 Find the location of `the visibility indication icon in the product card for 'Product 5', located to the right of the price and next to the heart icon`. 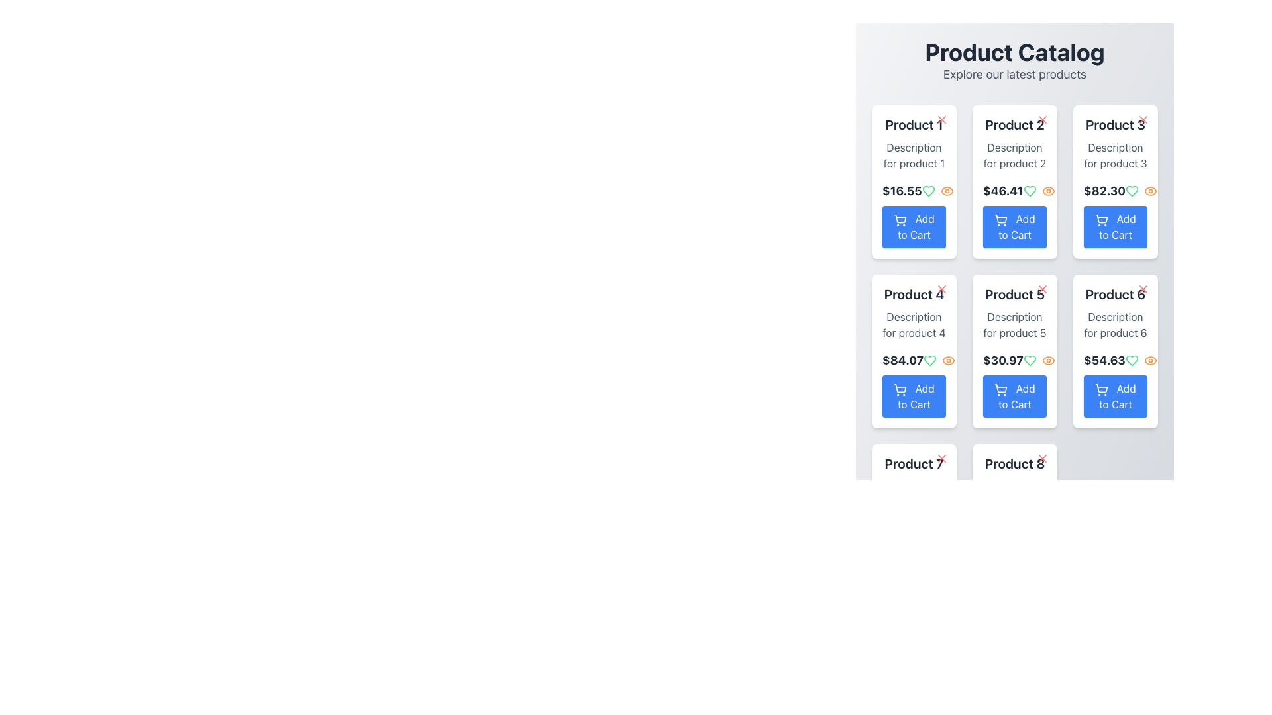

the visibility indication icon in the product card for 'Product 5', located to the right of the price and next to the heart icon is located at coordinates (1048, 360).